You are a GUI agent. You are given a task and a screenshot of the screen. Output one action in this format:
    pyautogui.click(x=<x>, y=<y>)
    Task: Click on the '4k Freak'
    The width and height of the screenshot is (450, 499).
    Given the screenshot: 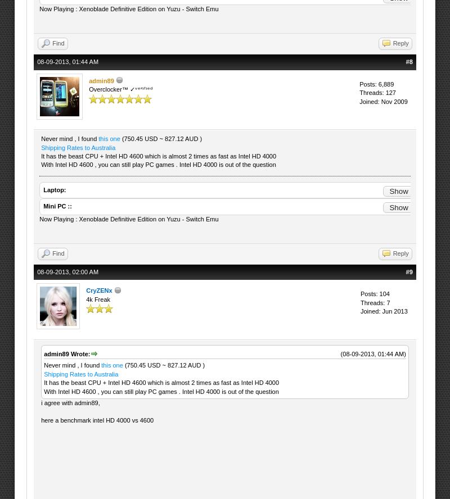 What is the action you would take?
    pyautogui.click(x=86, y=298)
    